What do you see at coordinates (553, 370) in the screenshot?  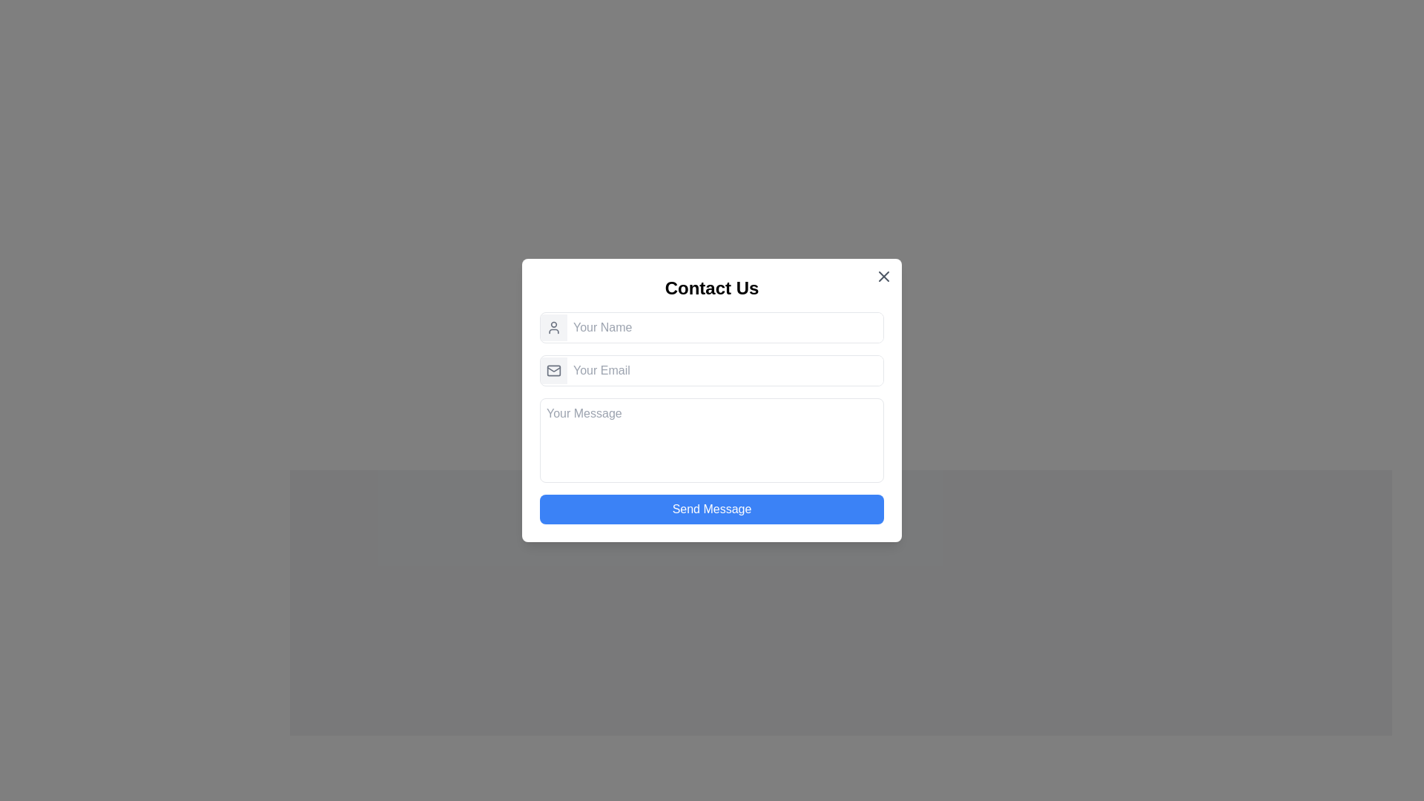 I see `the envelope-shaped icon with a gray outline in the 'Contact Us' modal dialog, located between the 'Your Email' input field and 'Your Name' input field` at bounding box center [553, 370].